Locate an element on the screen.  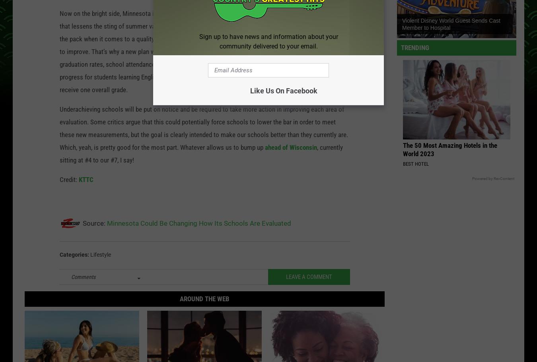
'The 50 Most Amazing Hotels in the World 2023' is located at coordinates (449, 151).